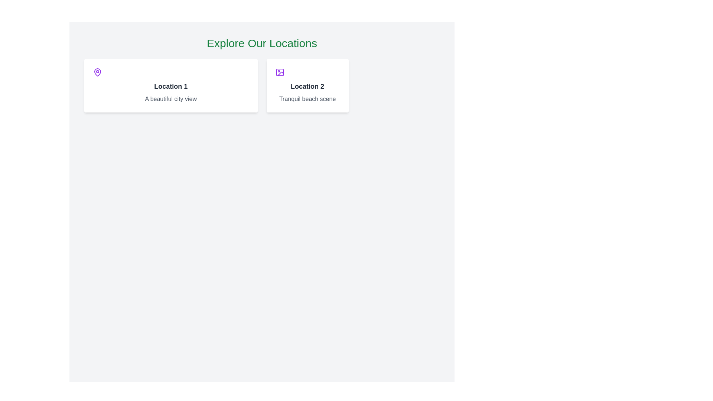 The height and width of the screenshot is (401, 713). Describe the element at coordinates (97, 72) in the screenshot. I see `the location marker icon situated at the top-left corner inside the card labeled 'Location 1'` at that location.